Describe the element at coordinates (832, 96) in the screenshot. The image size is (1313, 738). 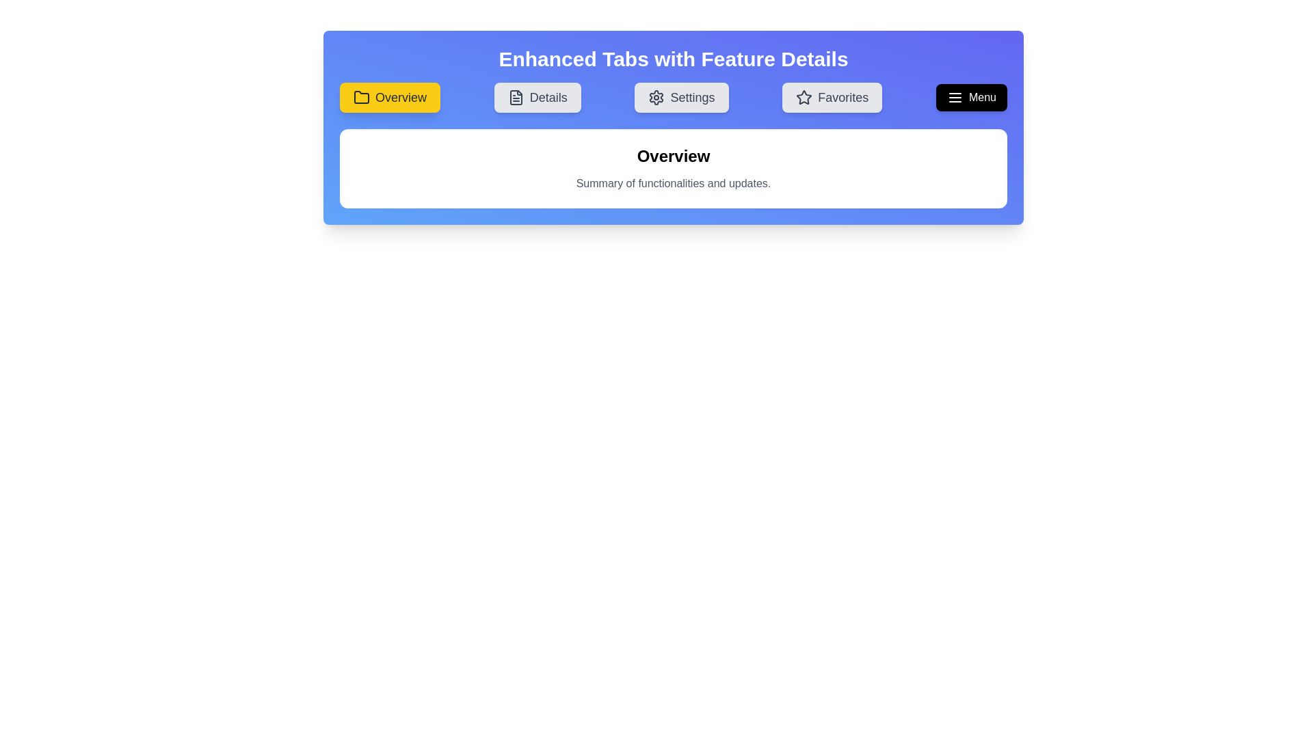
I see `the navigation button for 'Favorites', which is the fourth button from the left in the horizontal navigation bar, located between 'Settings' and 'Menu'` at that location.